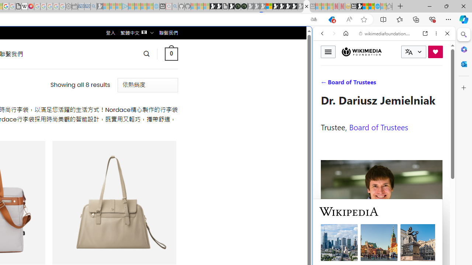 This screenshot has width=472, height=265. What do you see at coordinates (409, 52) in the screenshot?
I see `'Class: i icon icon-translate language-switcher__icon'` at bounding box center [409, 52].